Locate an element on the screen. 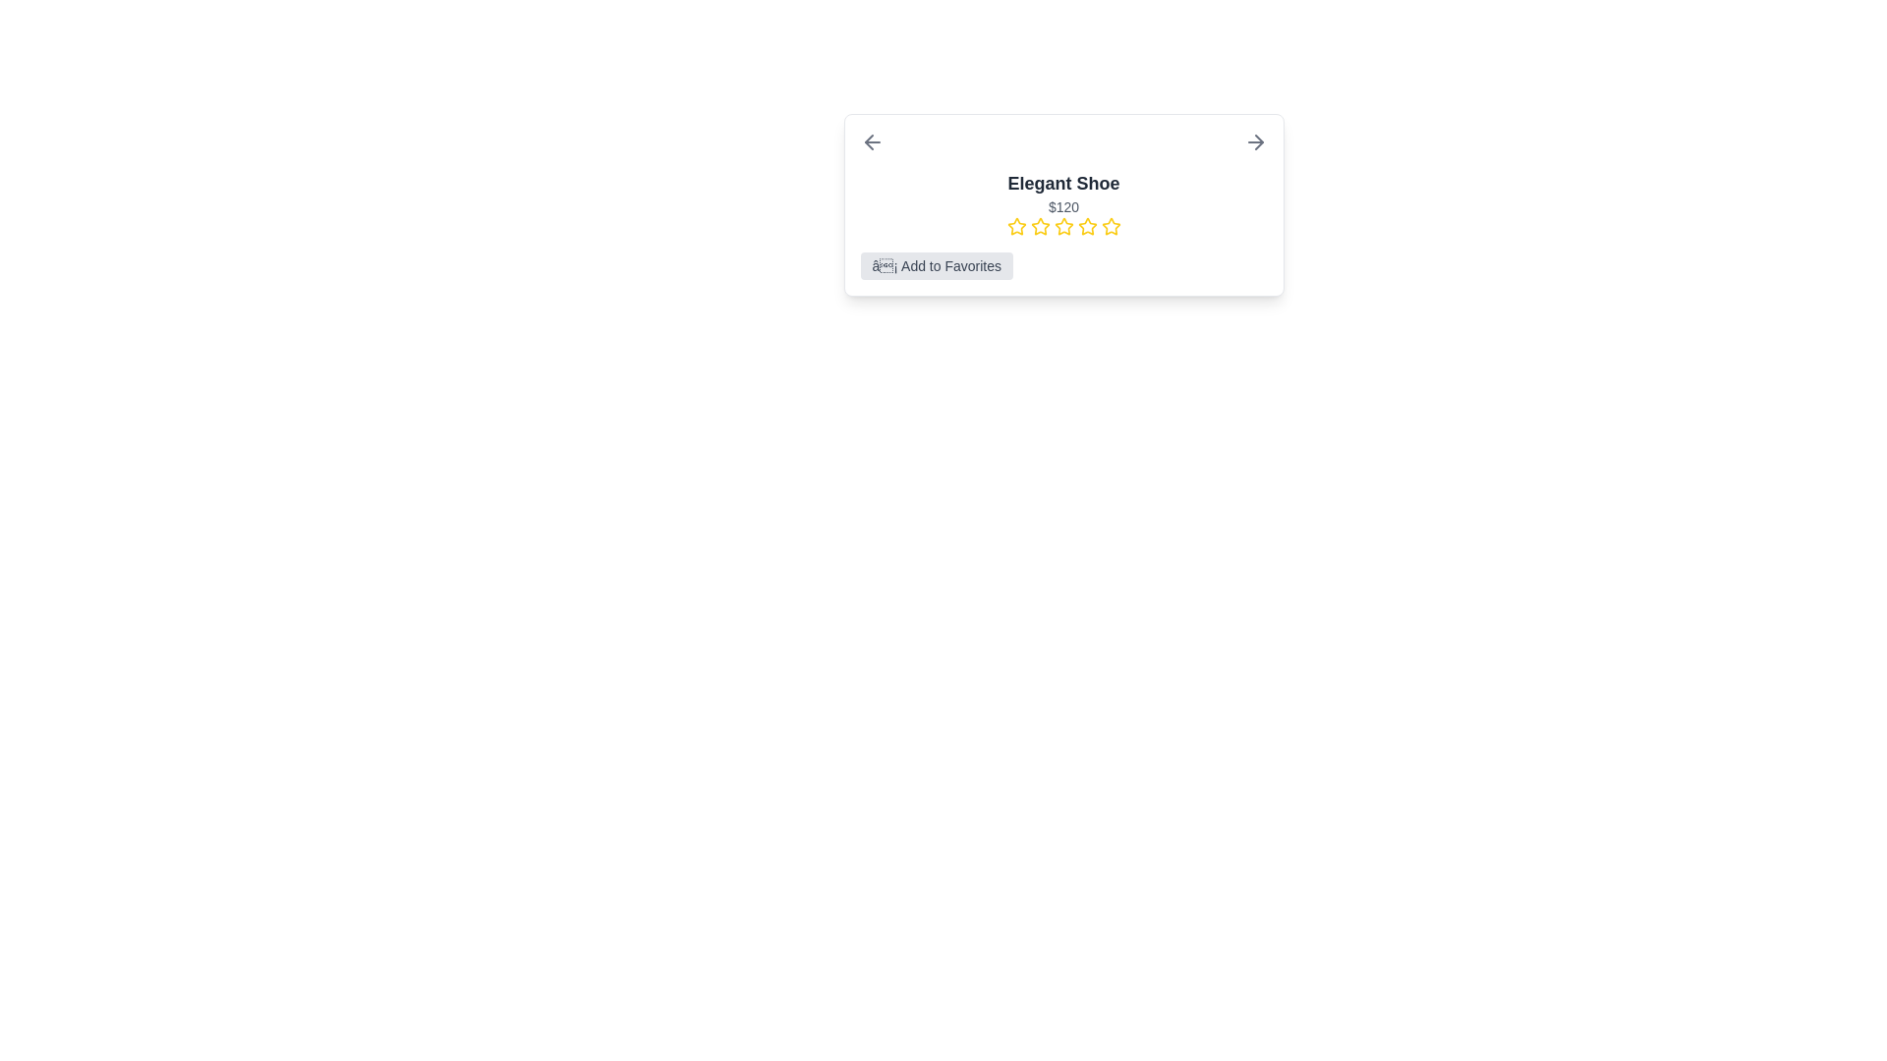 Image resolution: width=1887 pixels, height=1061 pixels. the third star icon representing a rating for the product 'Elegant Shoe' priced at '$120' is located at coordinates (1039, 225).